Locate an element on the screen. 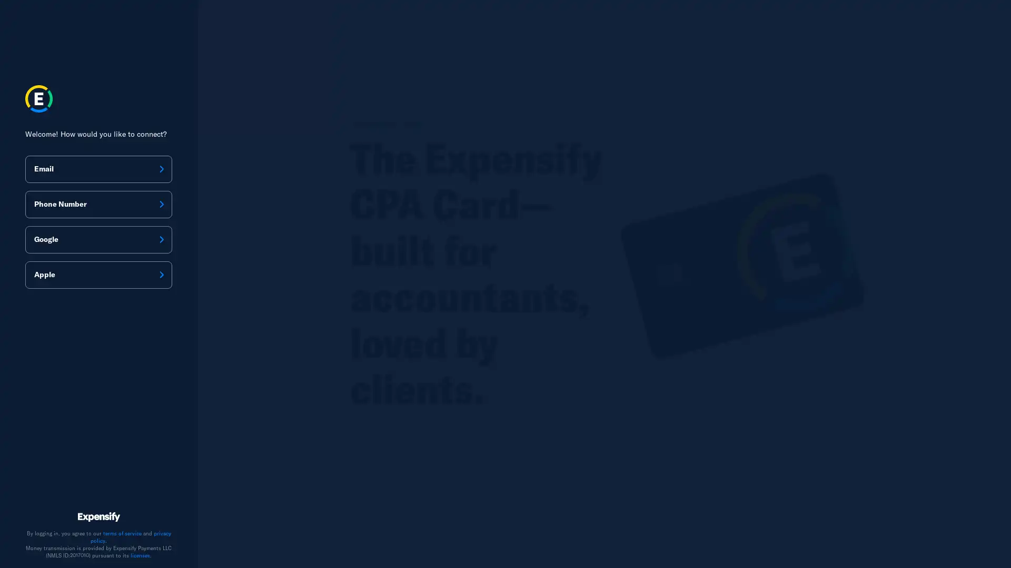  Email is located at coordinates (98, 168).